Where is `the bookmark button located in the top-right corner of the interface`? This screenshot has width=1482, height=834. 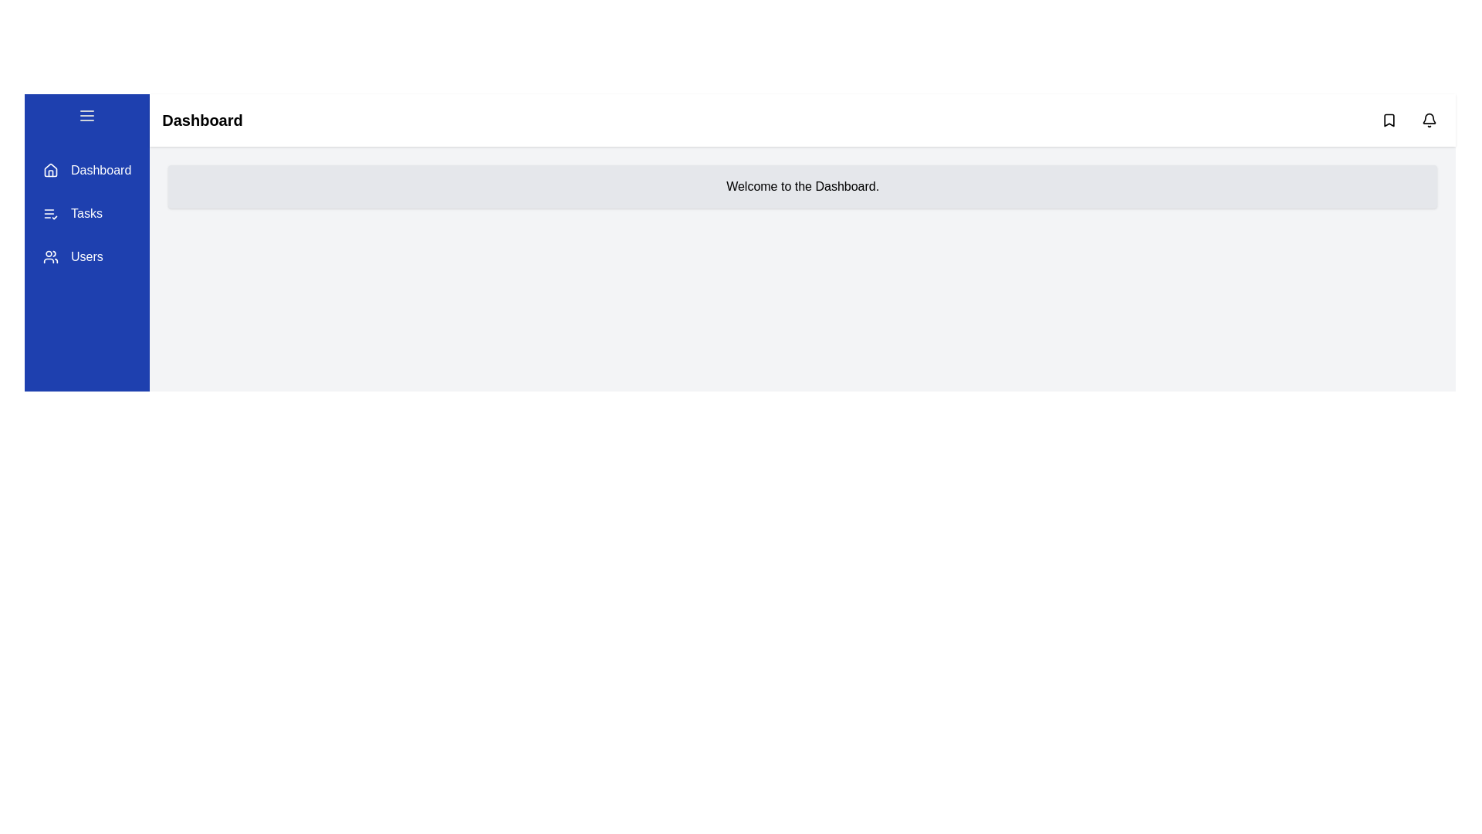
the bookmark button located in the top-right corner of the interface is located at coordinates (1389, 119).